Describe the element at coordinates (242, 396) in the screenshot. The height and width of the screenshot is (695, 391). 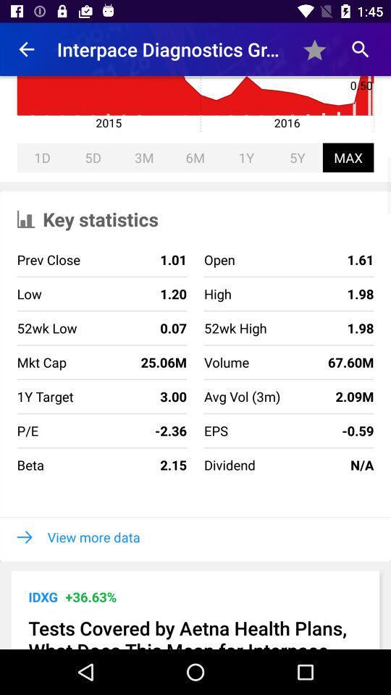
I see `the icon next to the 25.06m item` at that location.